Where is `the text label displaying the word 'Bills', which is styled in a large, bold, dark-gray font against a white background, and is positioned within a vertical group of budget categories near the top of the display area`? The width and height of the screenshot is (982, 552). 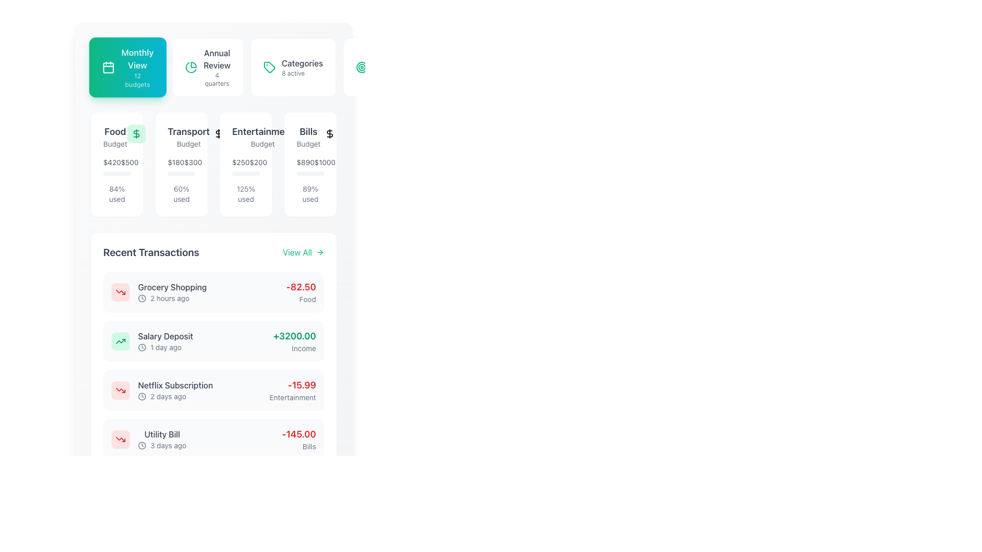
the text label displaying the word 'Bills', which is styled in a large, bold, dark-gray font against a white background, and is positioned within a vertical group of budget categories near the top of the display area is located at coordinates (308, 131).